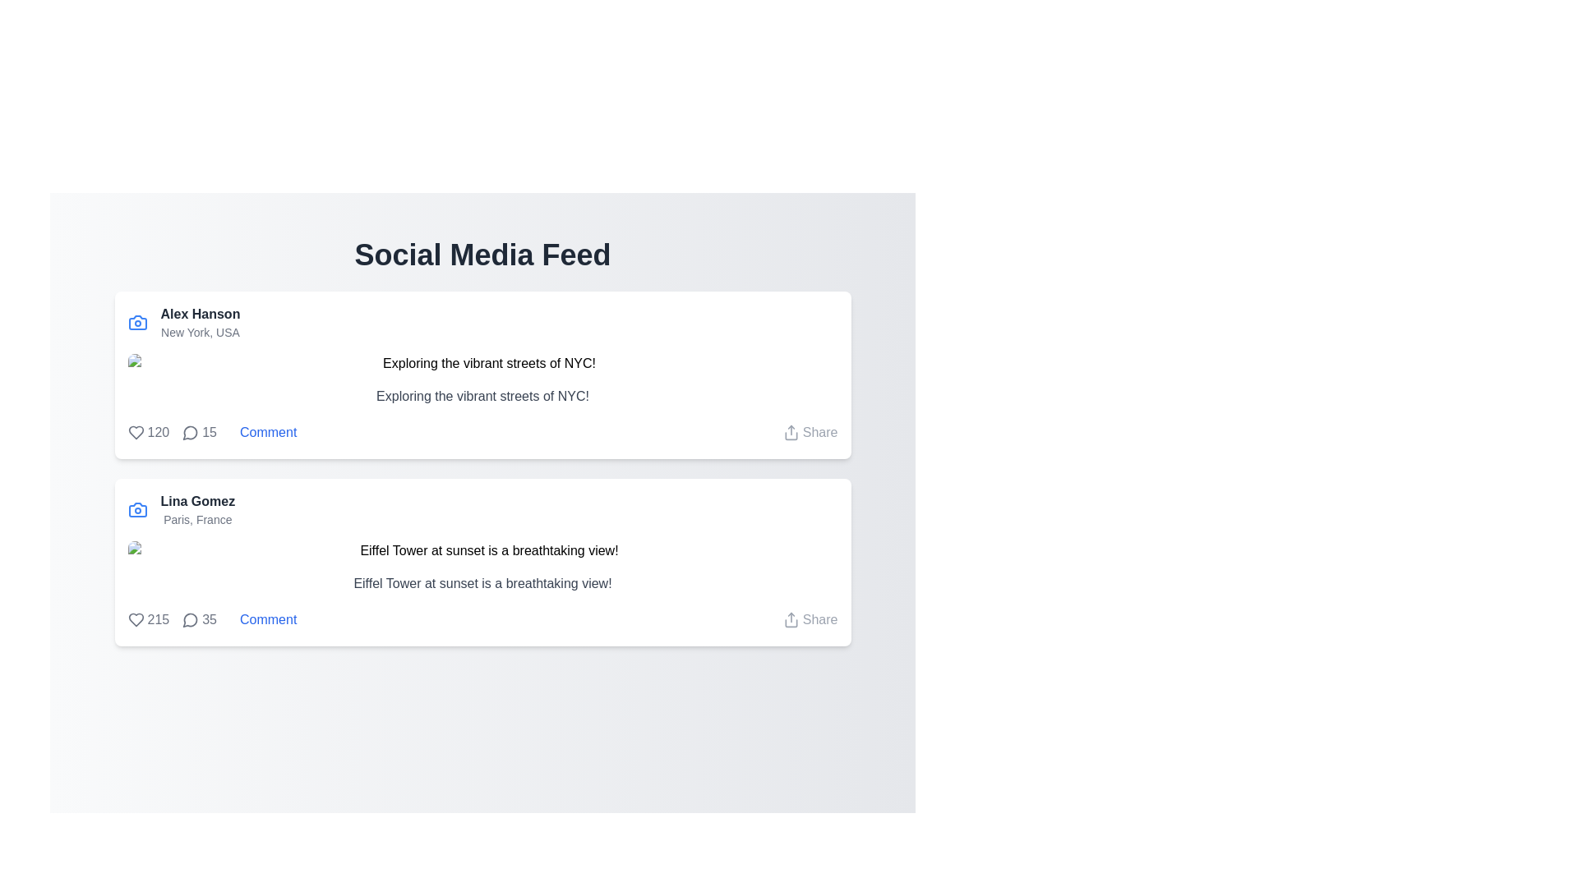 The width and height of the screenshot is (1578, 887). What do you see at coordinates (148, 620) in the screenshot?
I see `the heart icon displaying '215' likes located in the bottom left corner of the second post` at bounding box center [148, 620].